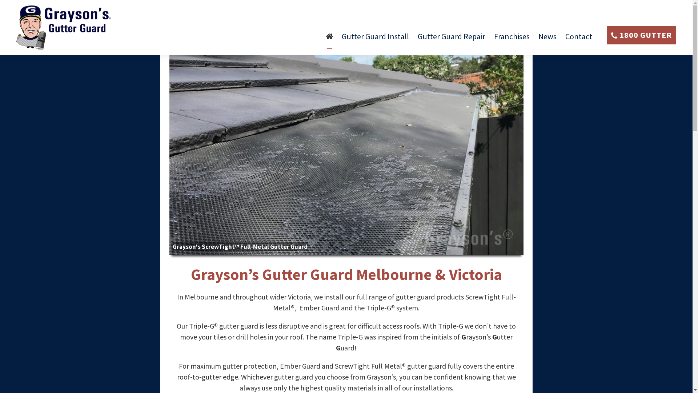  I want to click on 'Gutter Guard Repair', so click(417, 39).